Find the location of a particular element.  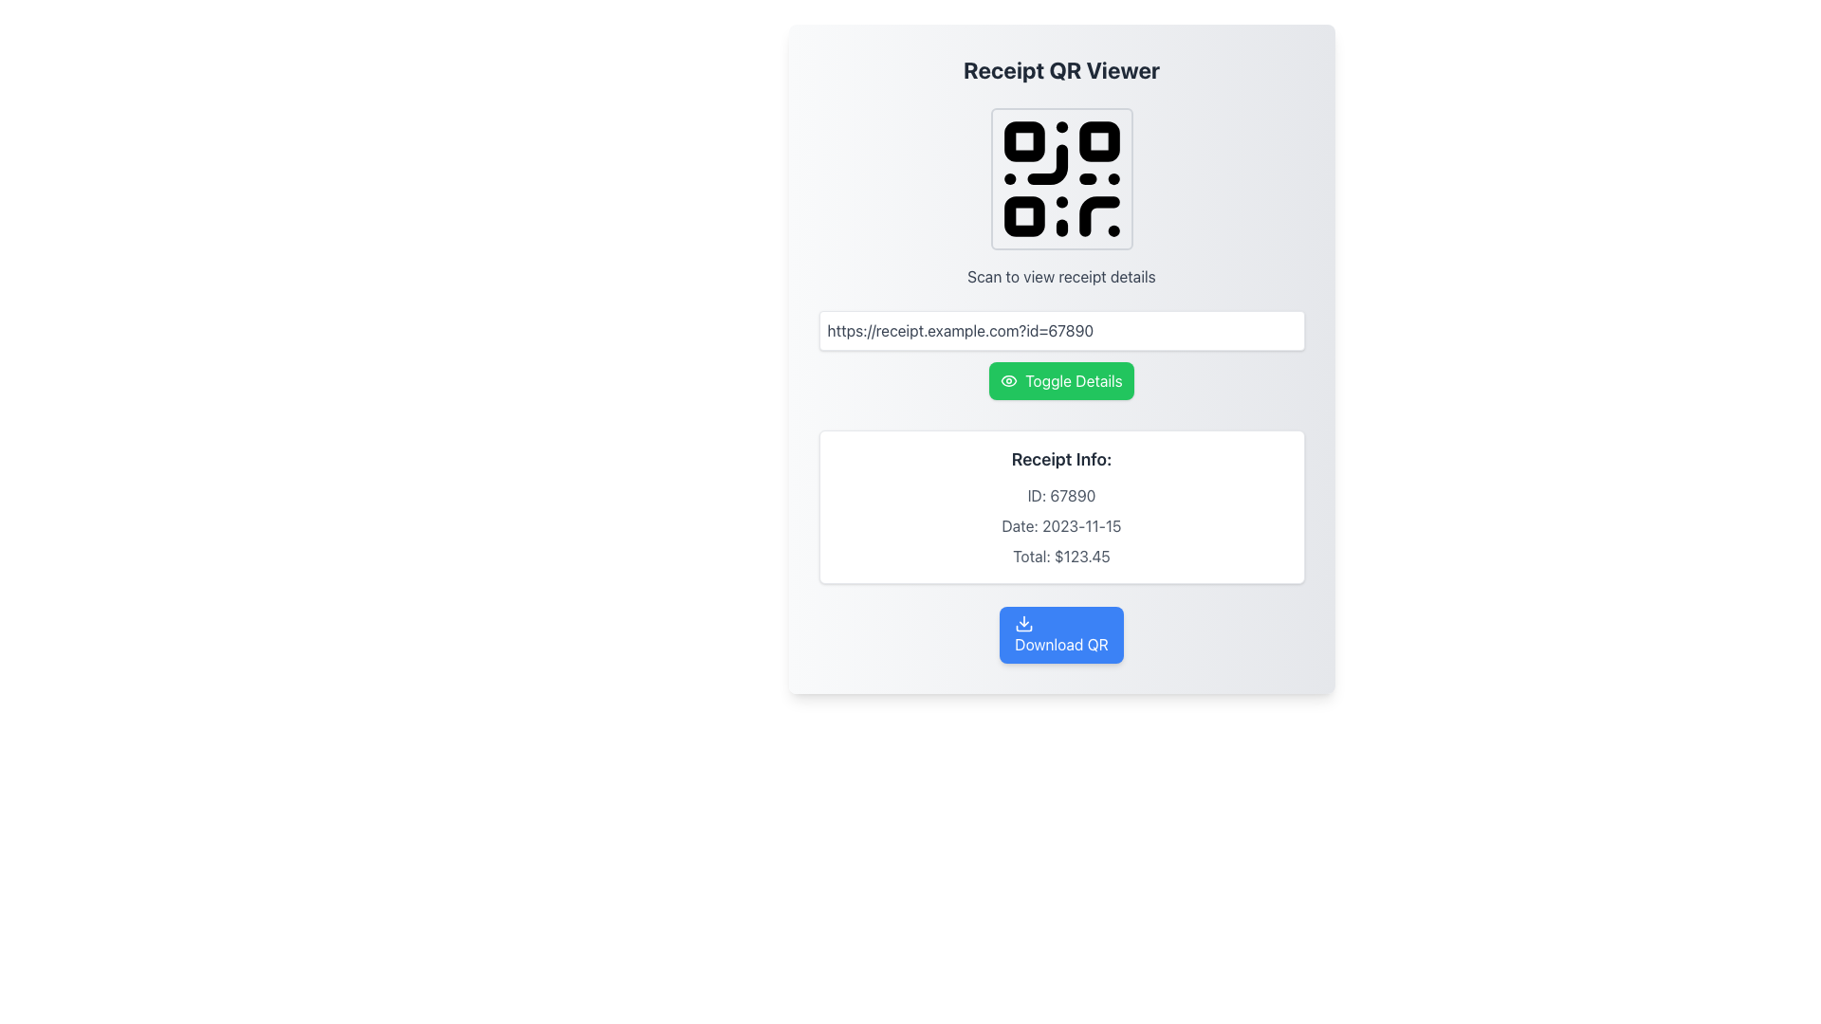

the eye icon located in the top-left section of the interface, which indicates visibility of a particular item or setting is located at coordinates (1008, 380).